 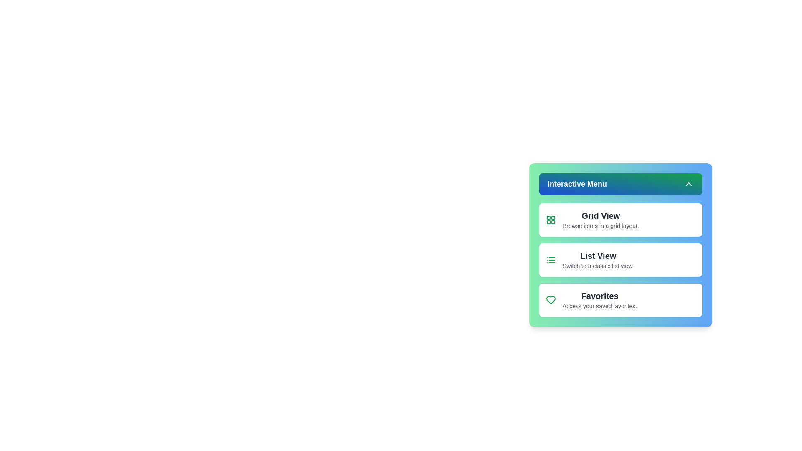 What do you see at coordinates (621, 220) in the screenshot?
I see `the 'Grid View' button to select the grid view option` at bounding box center [621, 220].